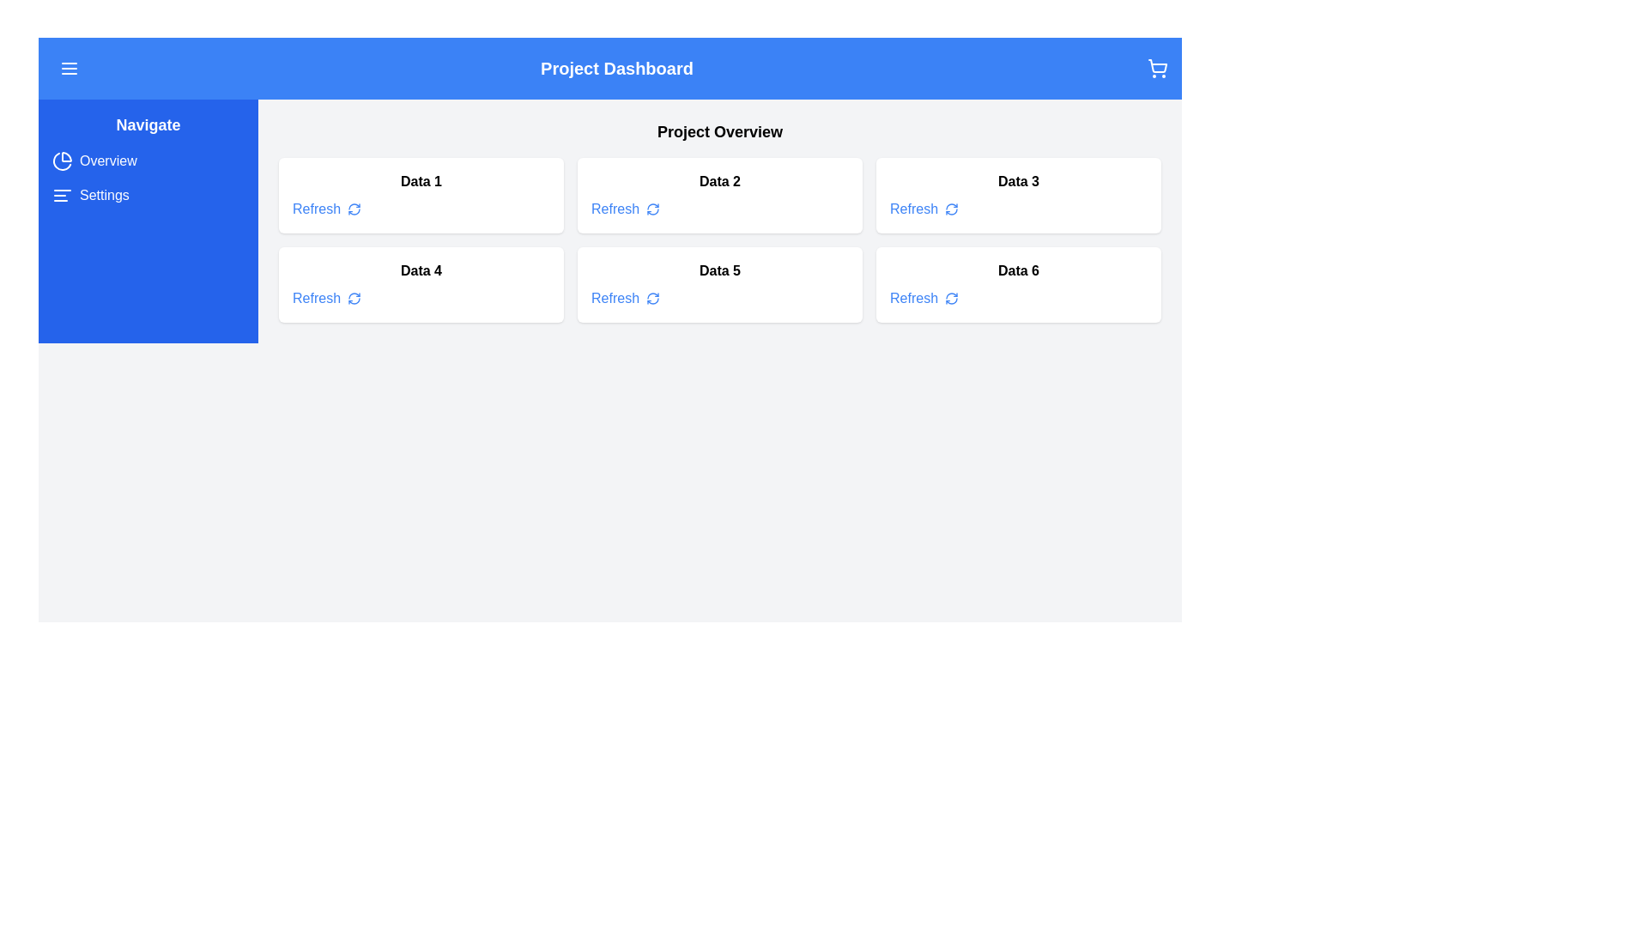 This screenshot has height=927, width=1648. I want to click on the card labeled 'Data 2' which contains a 'Refresh' link at the bottom left, so click(720, 194).